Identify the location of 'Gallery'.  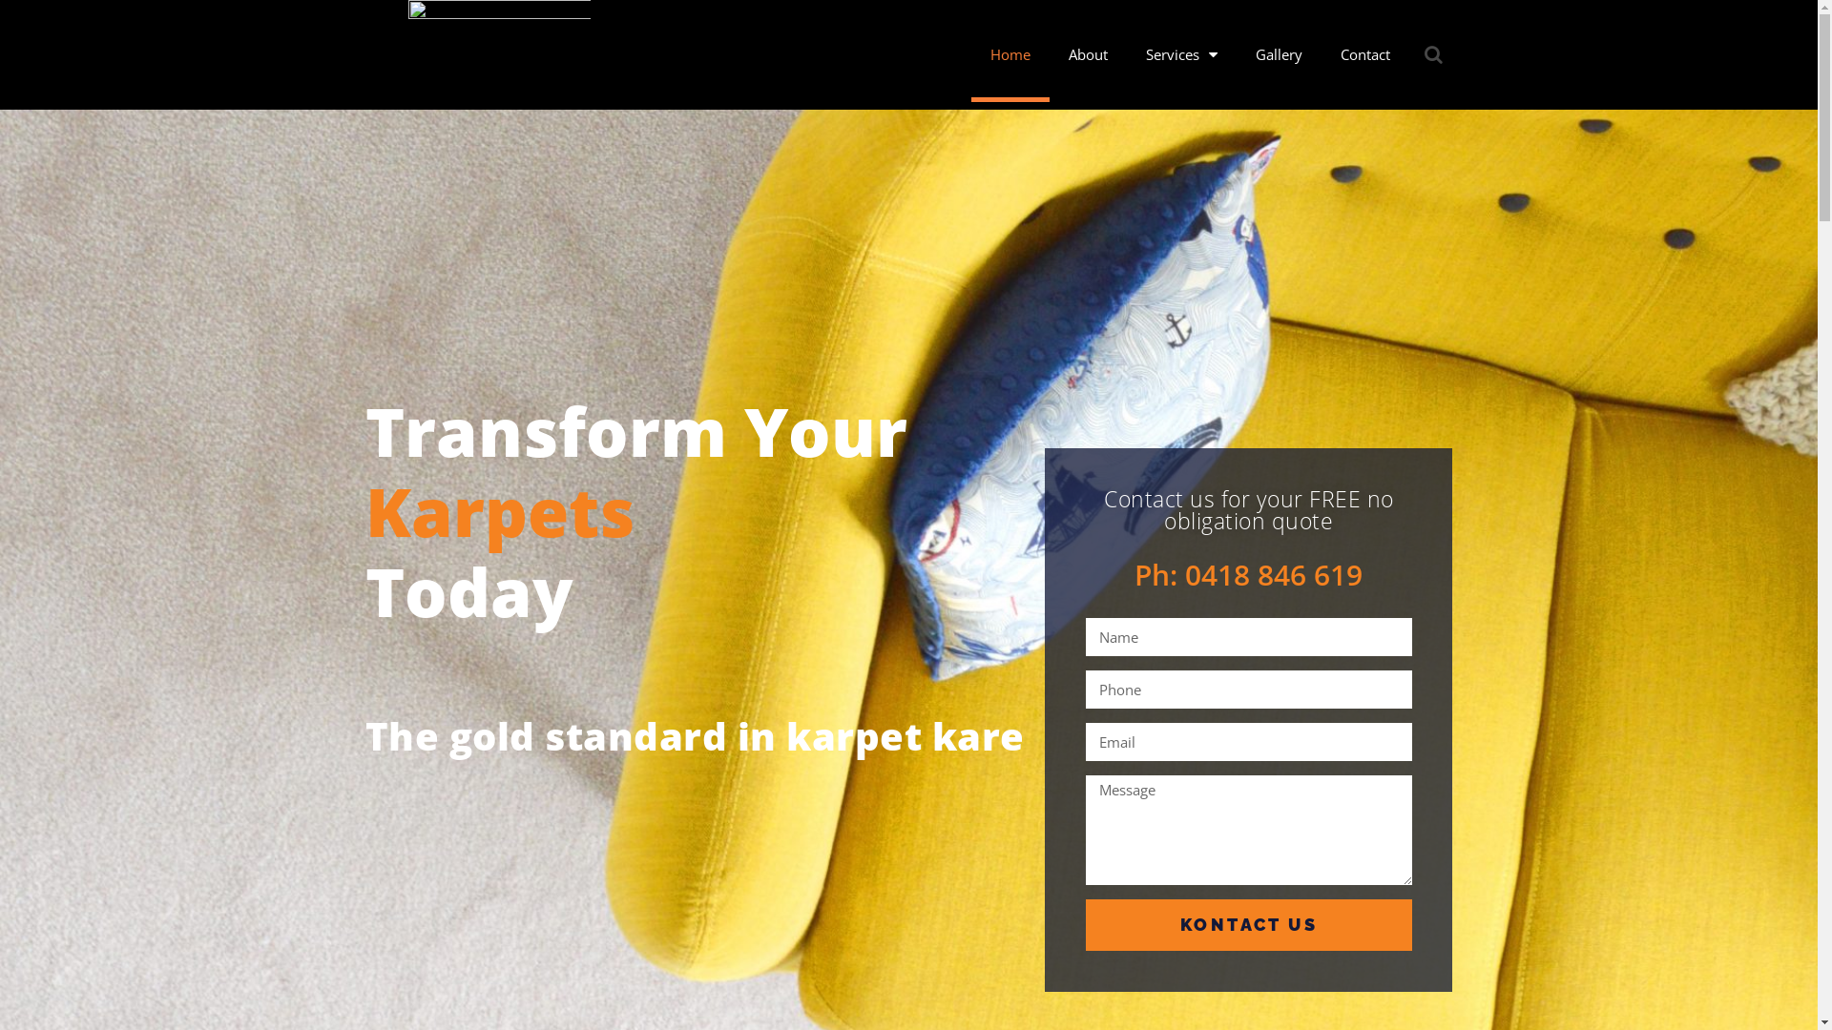
(1279, 53).